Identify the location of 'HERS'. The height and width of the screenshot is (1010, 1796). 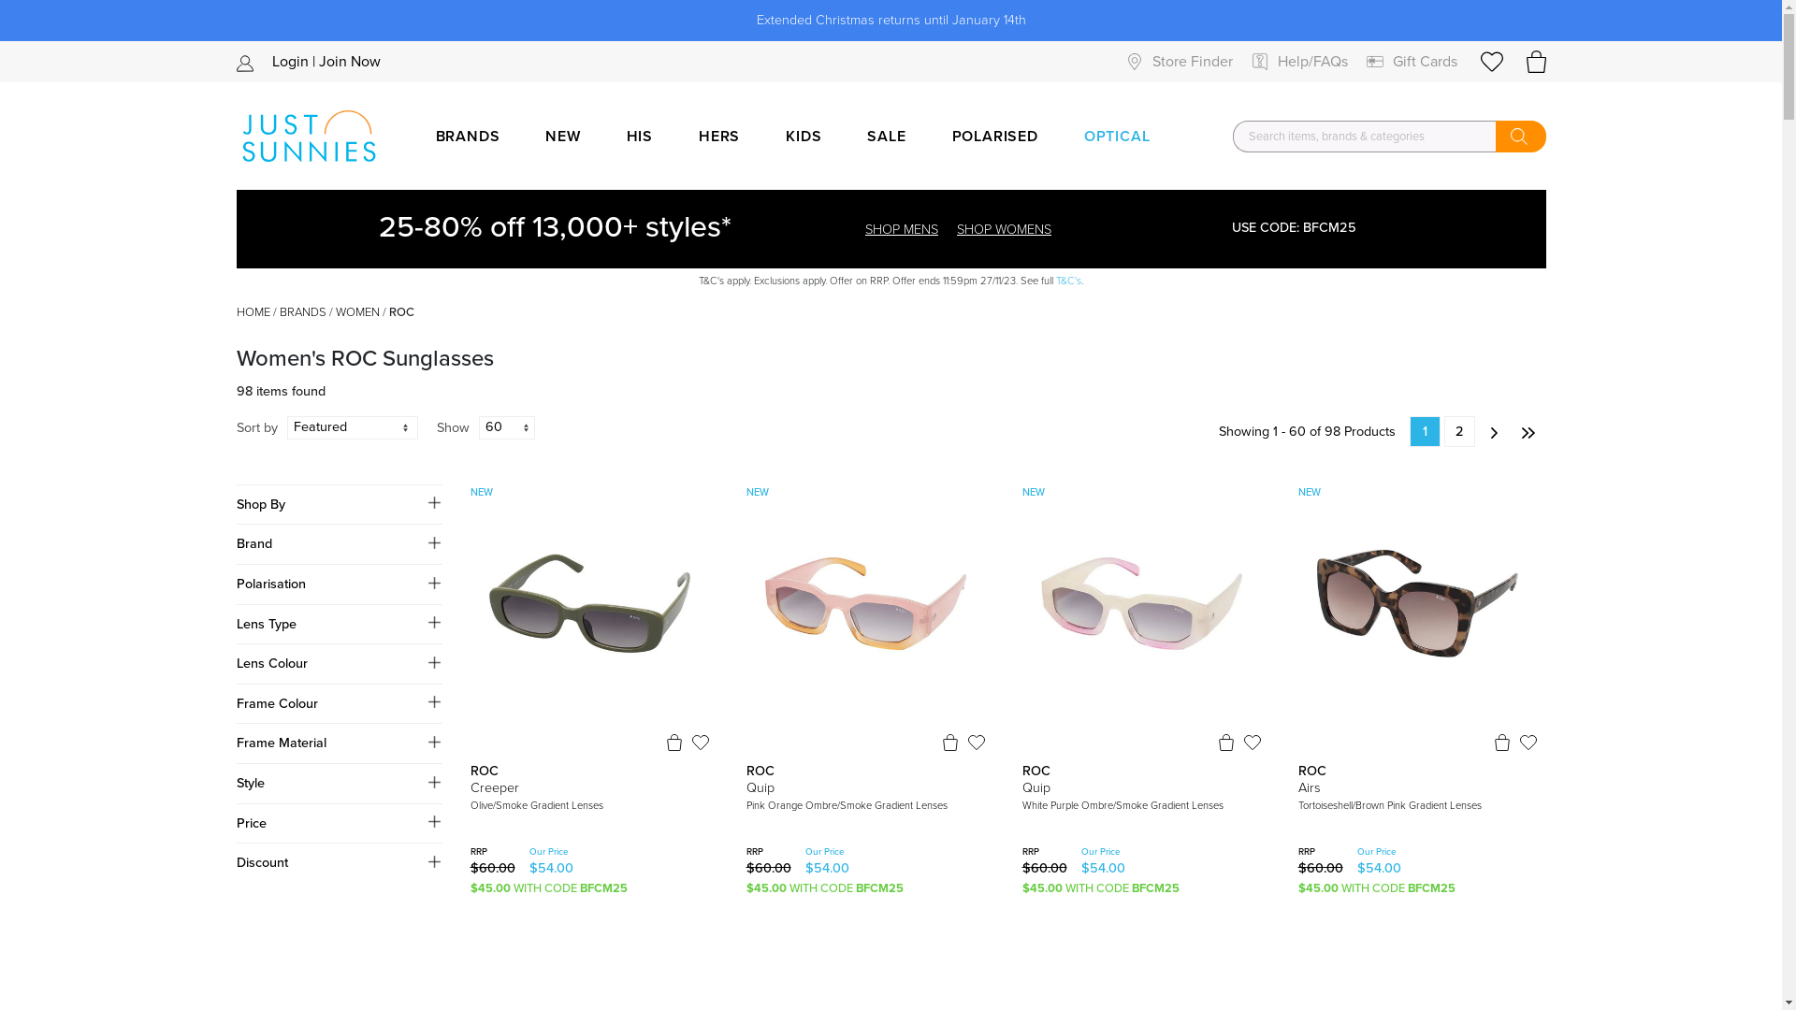
(681, 135).